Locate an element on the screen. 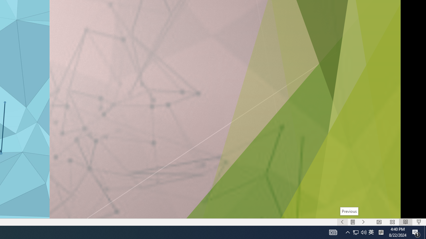 Image resolution: width=426 pixels, height=239 pixels. 'Previous' is located at coordinates (348, 211).